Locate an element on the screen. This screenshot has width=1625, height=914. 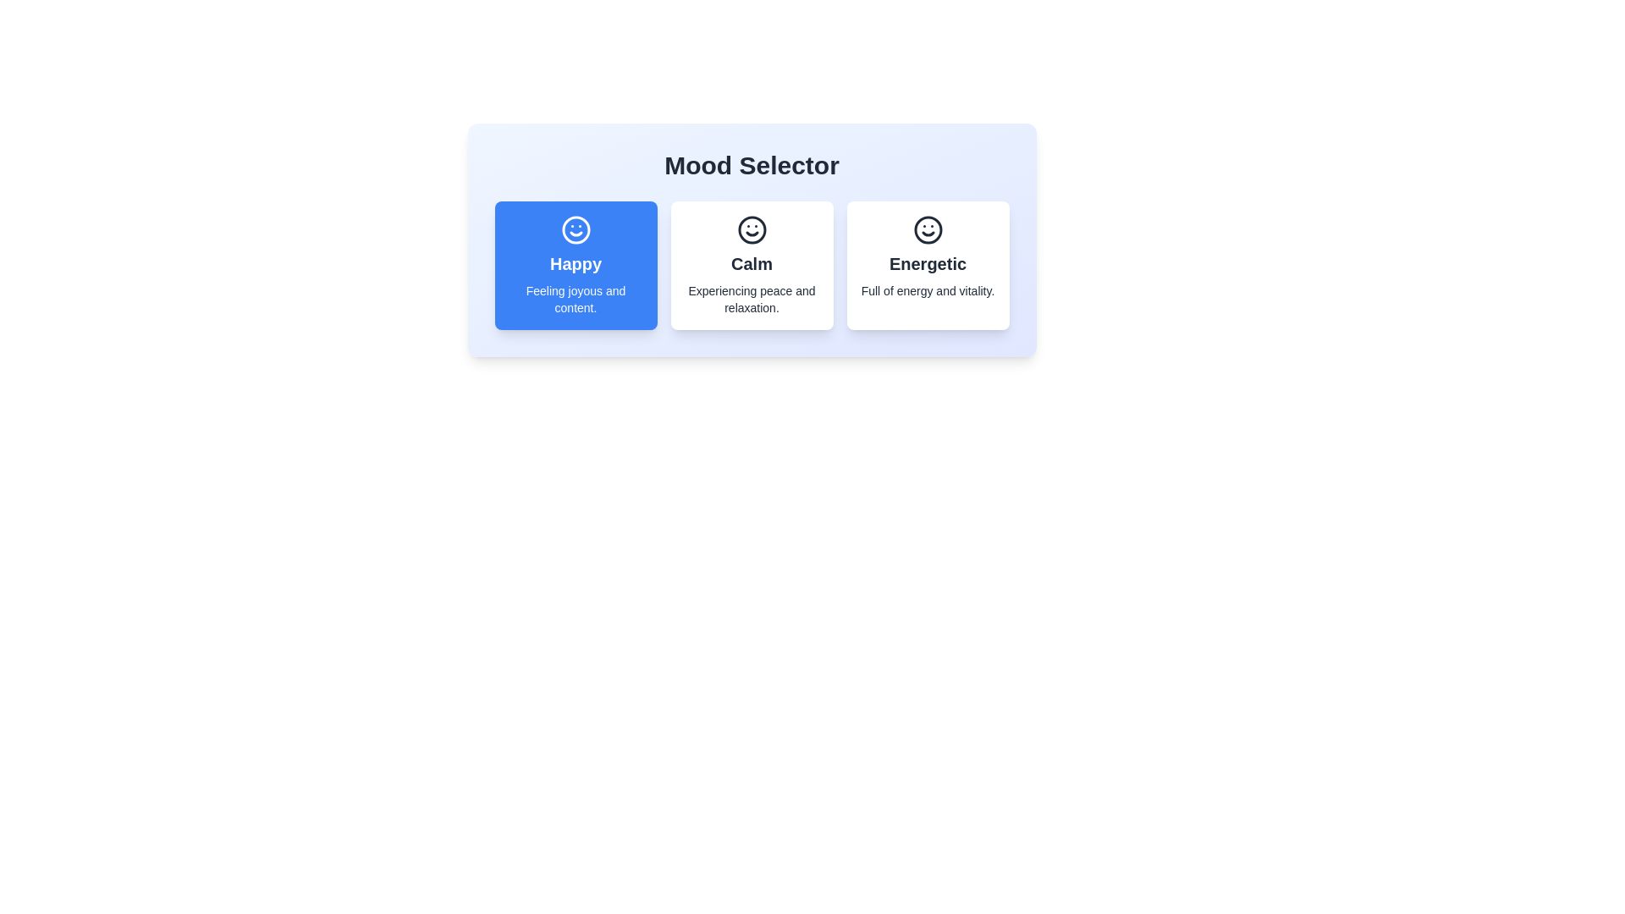
the mood card corresponding to Calm is located at coordinates (751, 265).